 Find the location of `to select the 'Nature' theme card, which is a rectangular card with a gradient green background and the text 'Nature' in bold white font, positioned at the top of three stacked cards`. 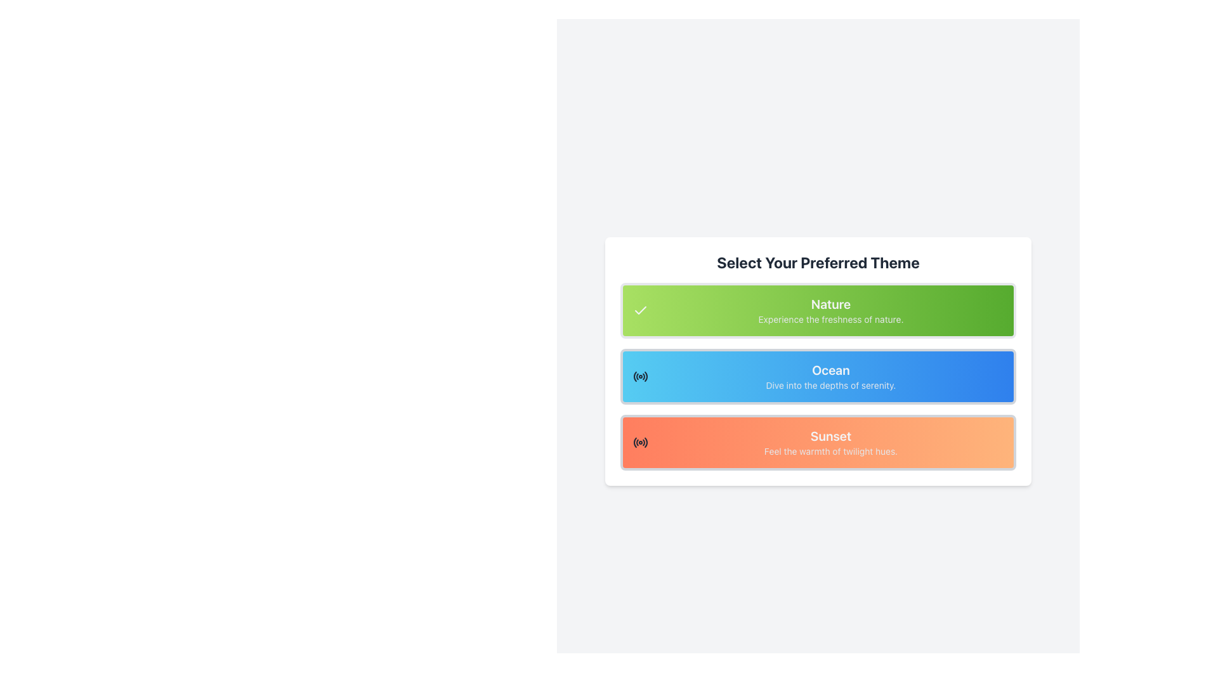

to select the 'Nature' theme card, which is a rectangular card with a gradient green background and the text 'Nature' in bold white font, positioned at the top of three stacked cards is located at coordinates (818, 310).